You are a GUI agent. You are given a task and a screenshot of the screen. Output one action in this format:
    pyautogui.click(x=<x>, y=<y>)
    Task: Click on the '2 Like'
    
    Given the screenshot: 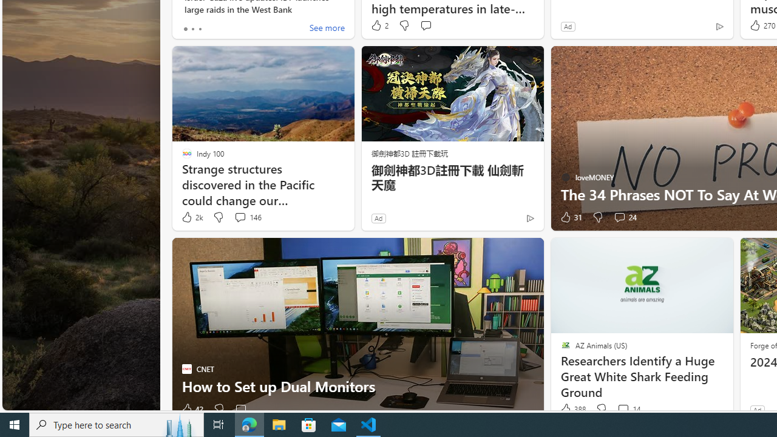 What is the action you would take?
    pyautogui.click(x=378, y=25)
    